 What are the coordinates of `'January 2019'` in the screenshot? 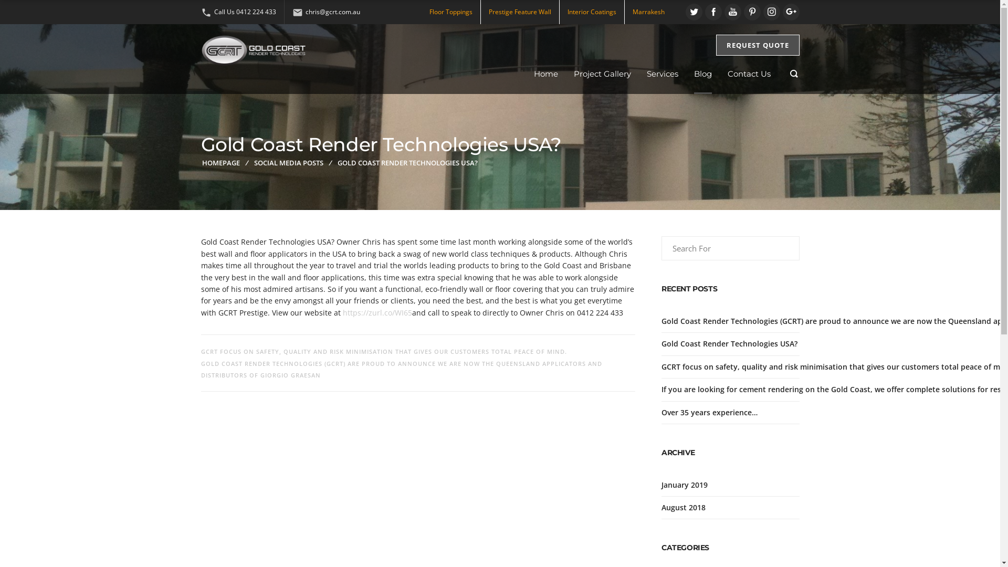 It's located at (685, 485).